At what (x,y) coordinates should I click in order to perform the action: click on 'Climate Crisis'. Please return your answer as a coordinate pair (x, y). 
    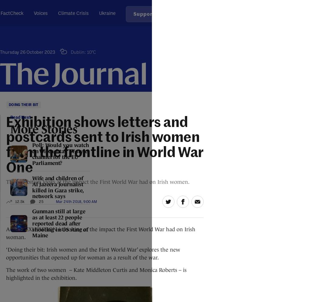
    Looking at the image, I should click on (73, 12).